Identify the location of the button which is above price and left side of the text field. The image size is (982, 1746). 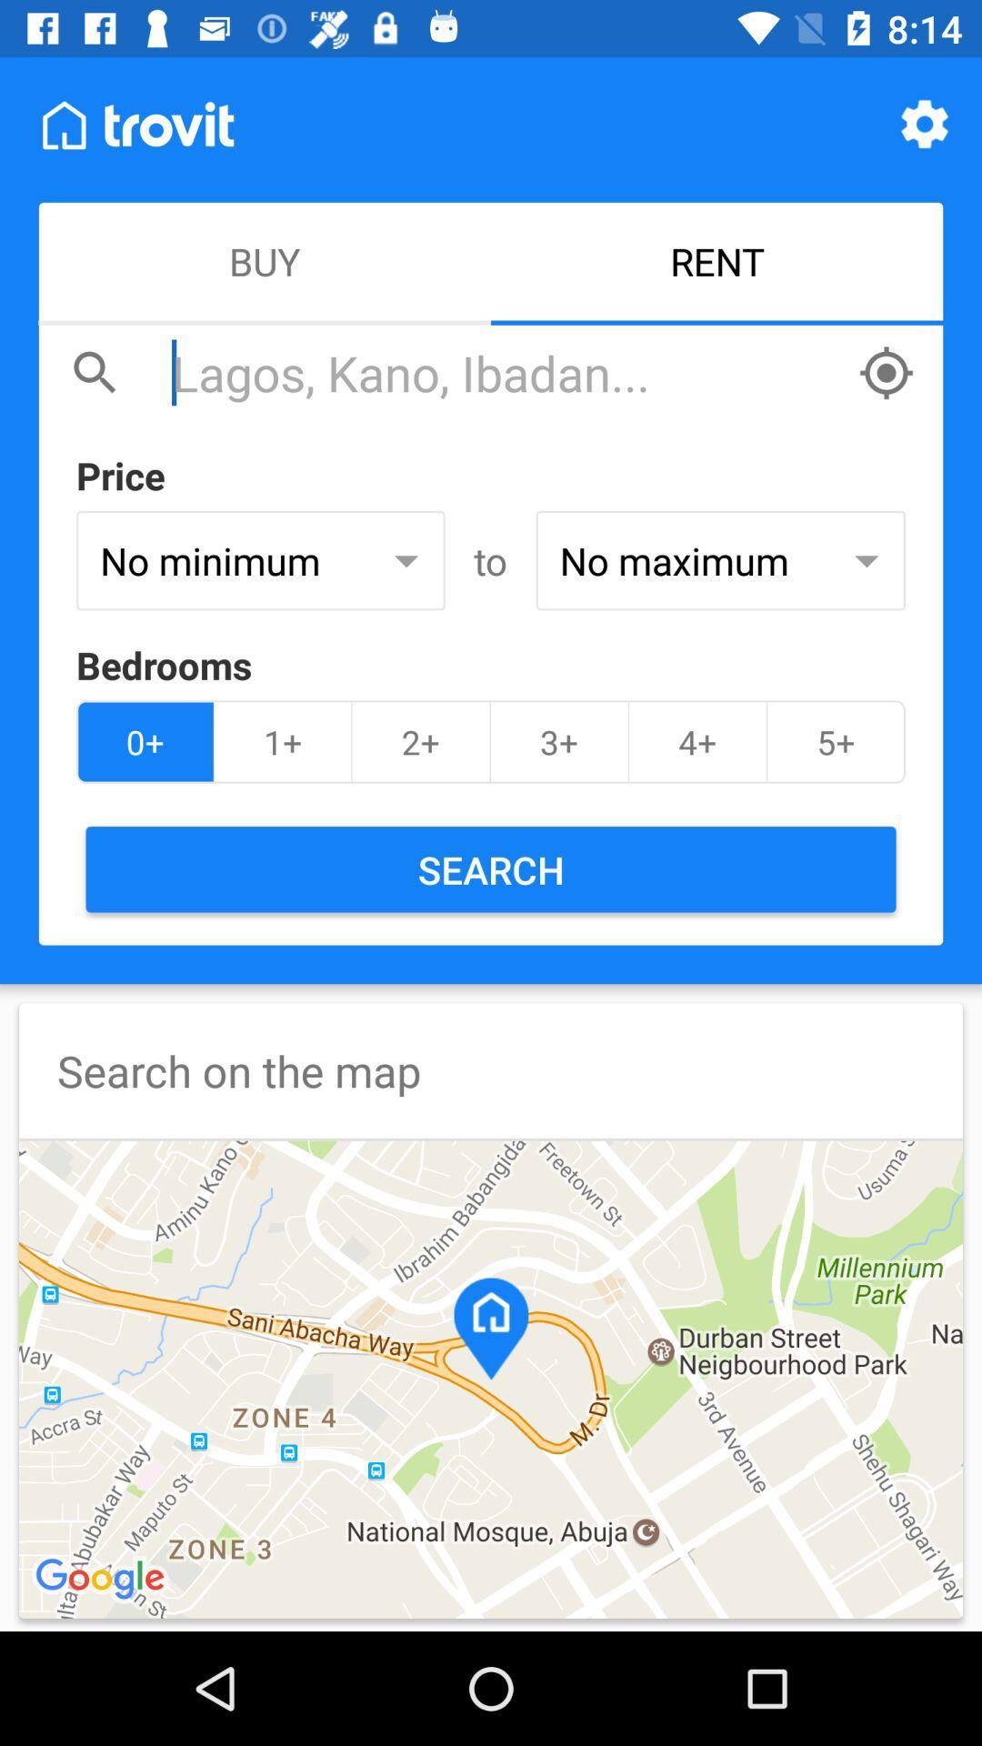
(95, 372).